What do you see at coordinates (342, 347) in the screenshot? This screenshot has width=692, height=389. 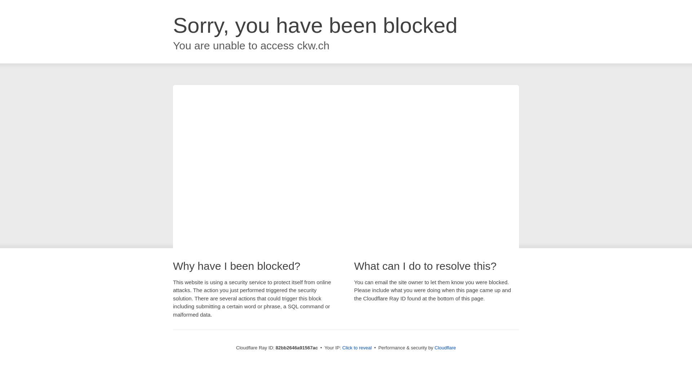 I see `'Click to reveal'` at bounding box center [342, 347].